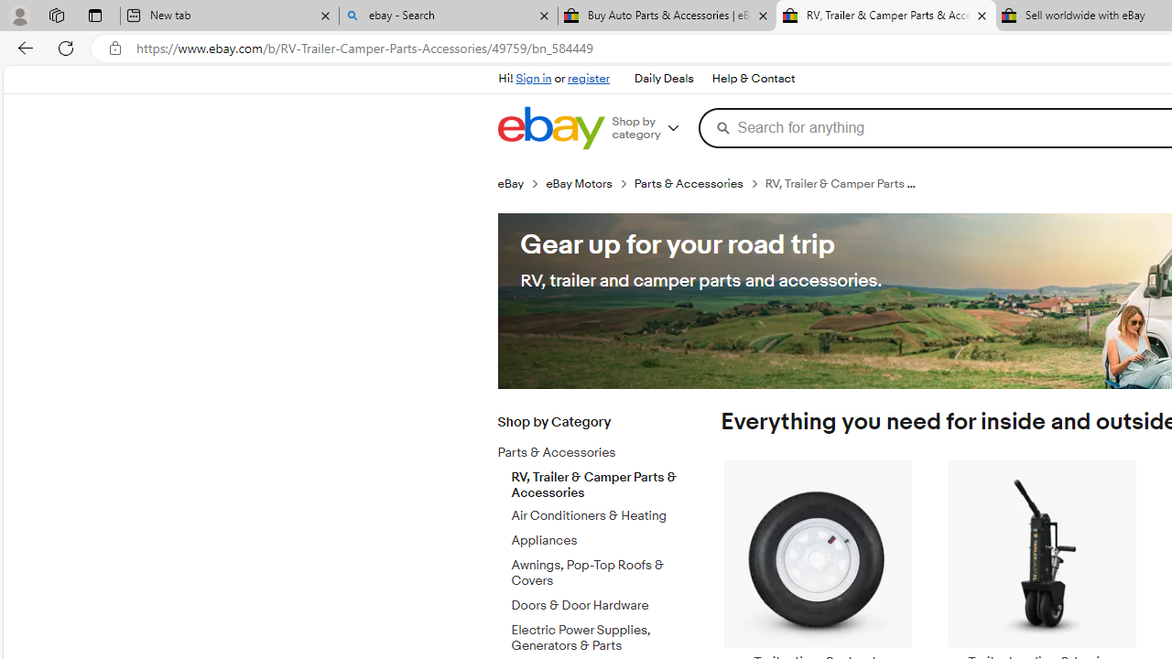  I want to click on 'Air Conditioners & Heating', so click(598, 516).